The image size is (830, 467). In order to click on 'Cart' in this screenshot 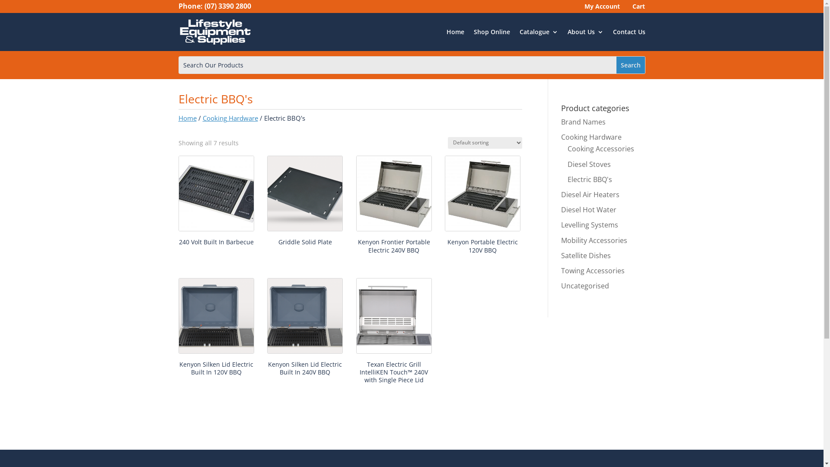, I will do `click(637, 8)`.